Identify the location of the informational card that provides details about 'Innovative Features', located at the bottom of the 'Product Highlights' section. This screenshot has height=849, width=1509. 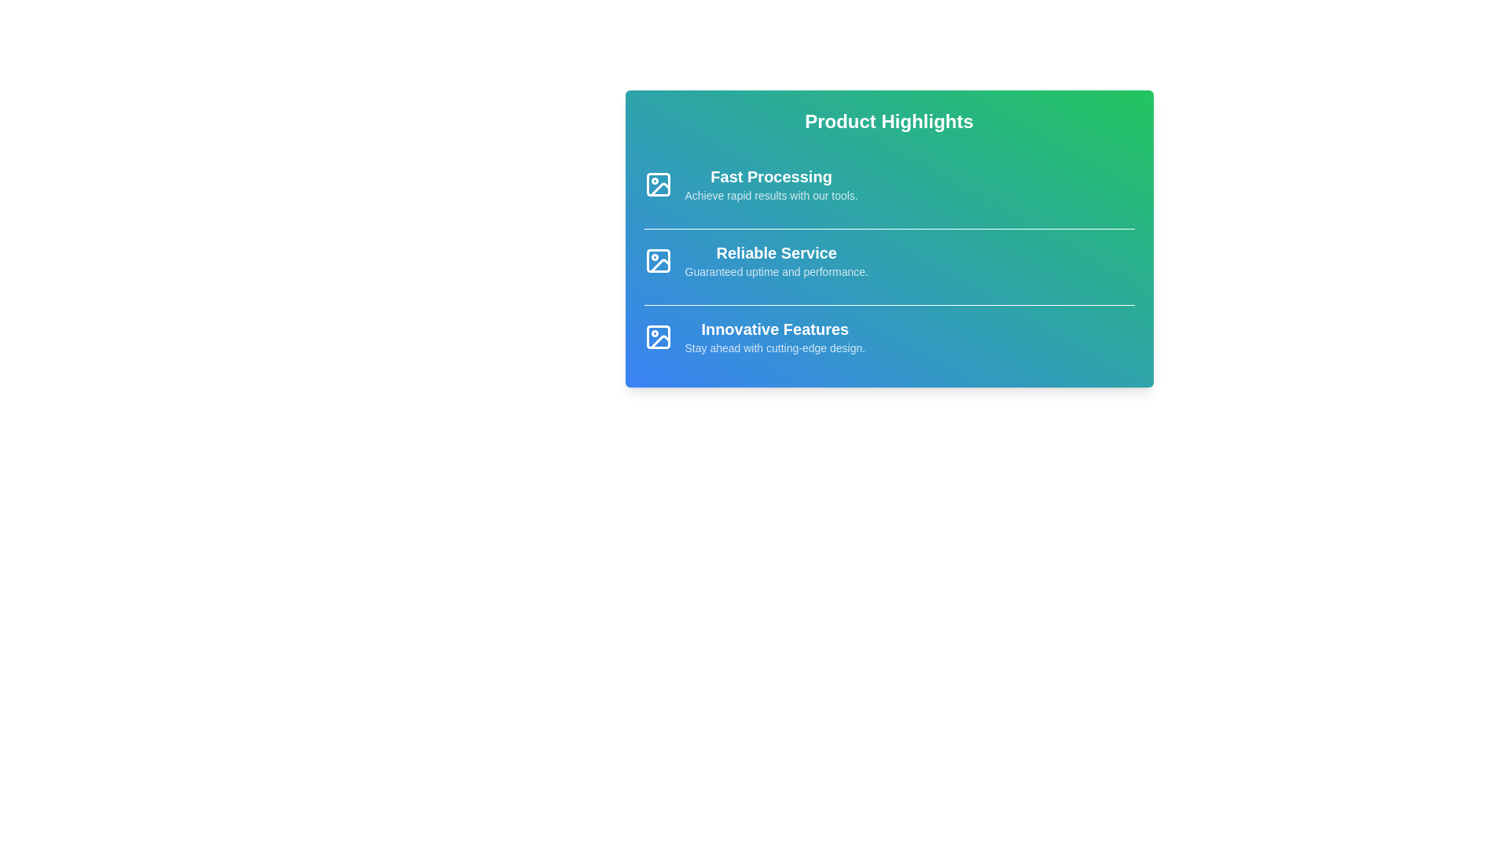
(889, 336).